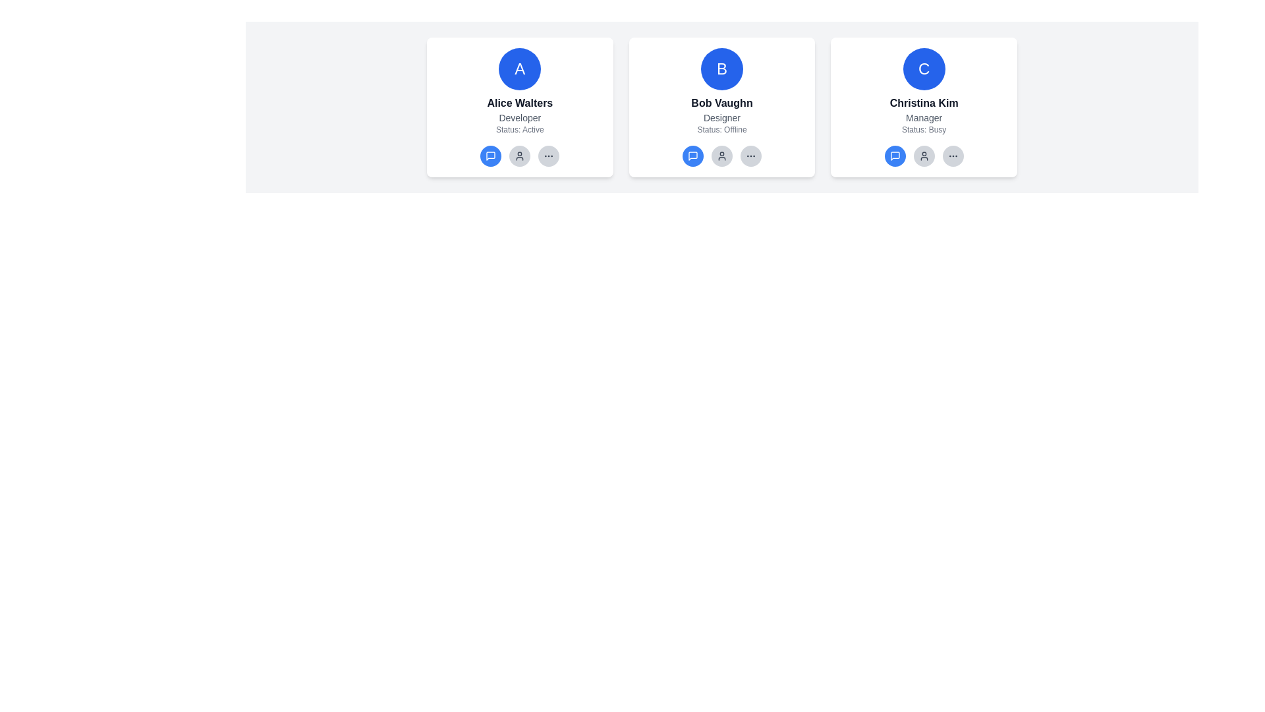 This screenshot has width=1265, height=712. What do you see at coordinates (519, 117) in the screenshot?
I see `the text label that displays 'Developer', which is located beneath the name 'Alice Walters' and above the label 'Status: Active' within the card component` at bounding box center [519, 117].